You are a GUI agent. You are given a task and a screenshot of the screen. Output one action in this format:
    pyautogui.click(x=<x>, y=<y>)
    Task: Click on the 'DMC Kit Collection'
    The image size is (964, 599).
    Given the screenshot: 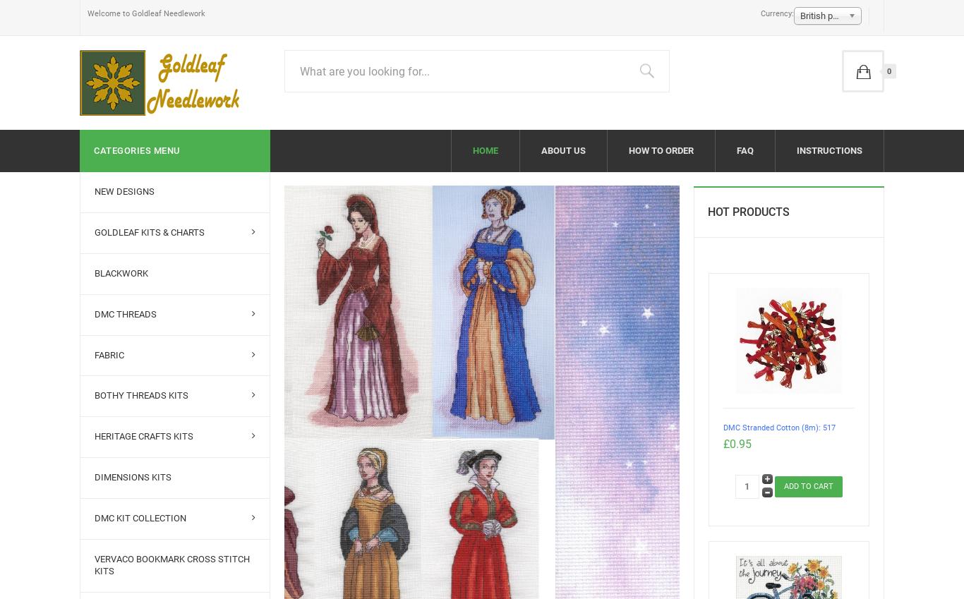 What is the action you would take?
    pyautogui.click(x=140, y=518)
    